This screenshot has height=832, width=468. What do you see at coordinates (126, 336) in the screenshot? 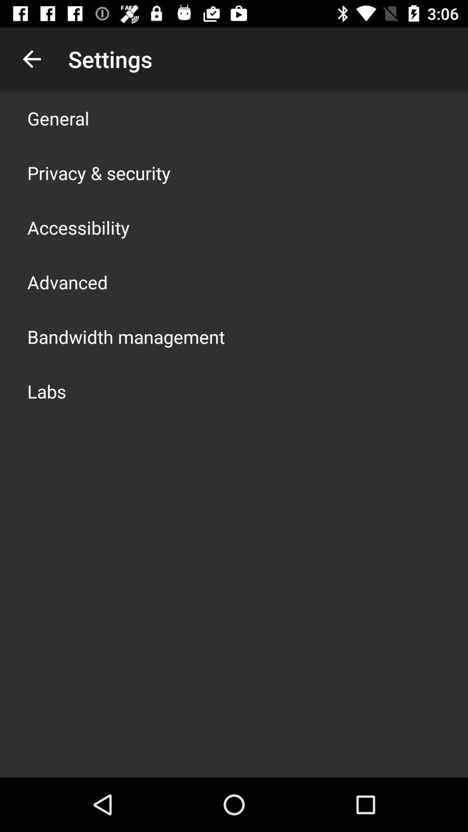
I see `item above labs app` at bounding box center [126, 336].